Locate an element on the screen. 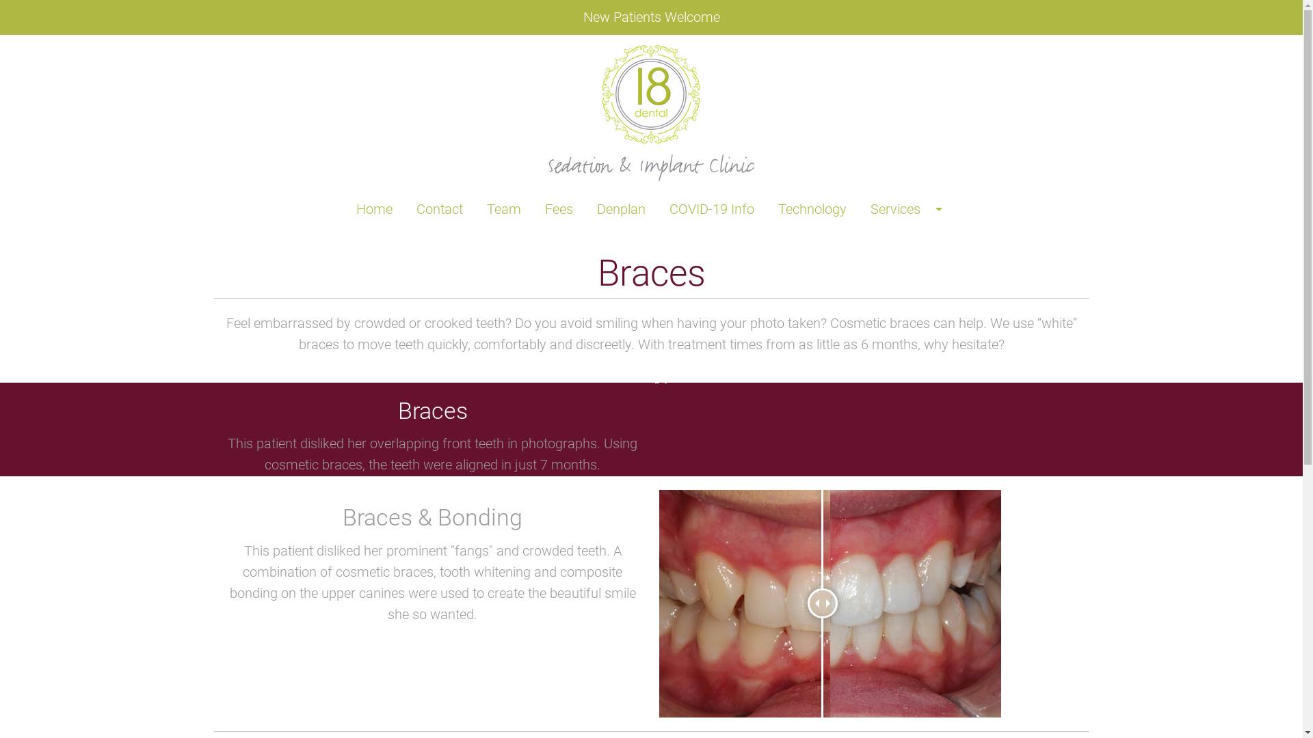 This screenshot has width=1313, height=738. 'Services is located at coordinates (859, 208).